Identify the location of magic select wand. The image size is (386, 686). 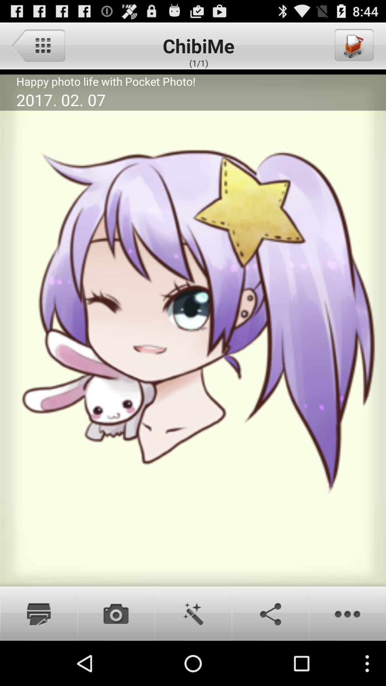
(193, 613).